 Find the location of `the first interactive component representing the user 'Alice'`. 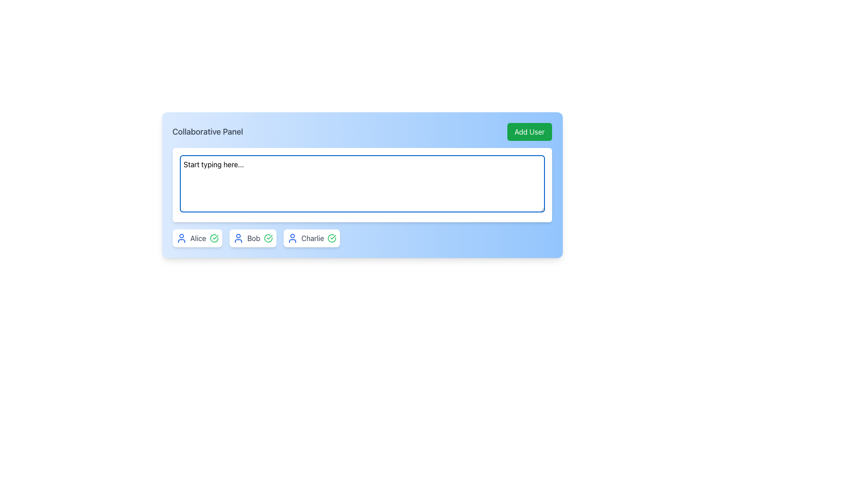

the first interactive component representing the user 'Alice' is located at coordinates (197, 237).